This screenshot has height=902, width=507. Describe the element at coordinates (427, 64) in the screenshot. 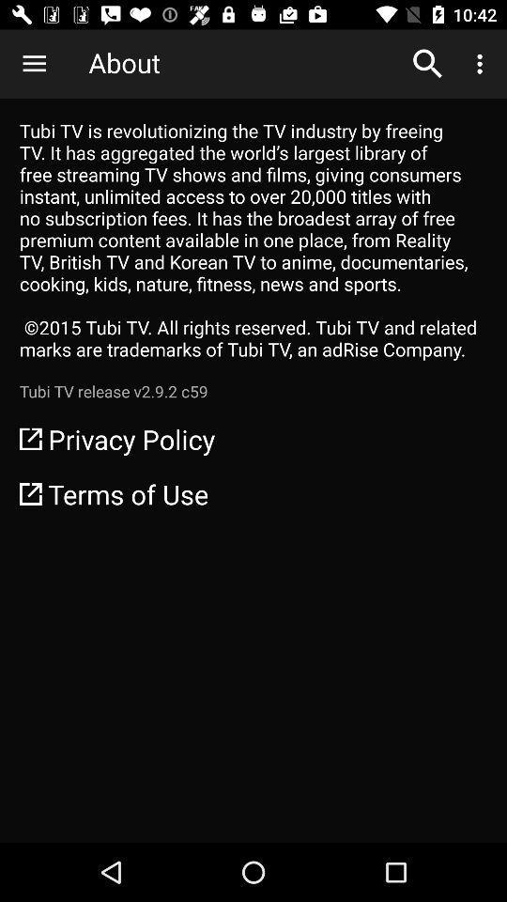

I see `the icon above tubi tv is` at that location.